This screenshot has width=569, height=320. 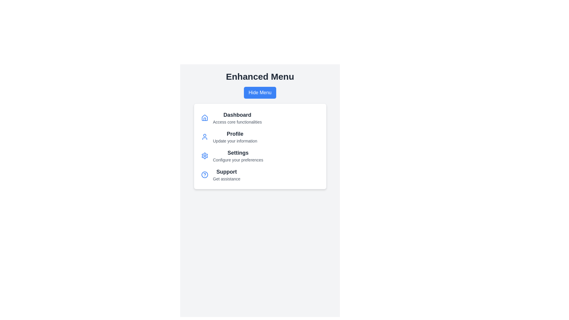 What do you see at coordinates (226, 172) in the screenshot?
I see `the menu item labeled Support to activate its corresponding action` at bounding box center [226, 172].